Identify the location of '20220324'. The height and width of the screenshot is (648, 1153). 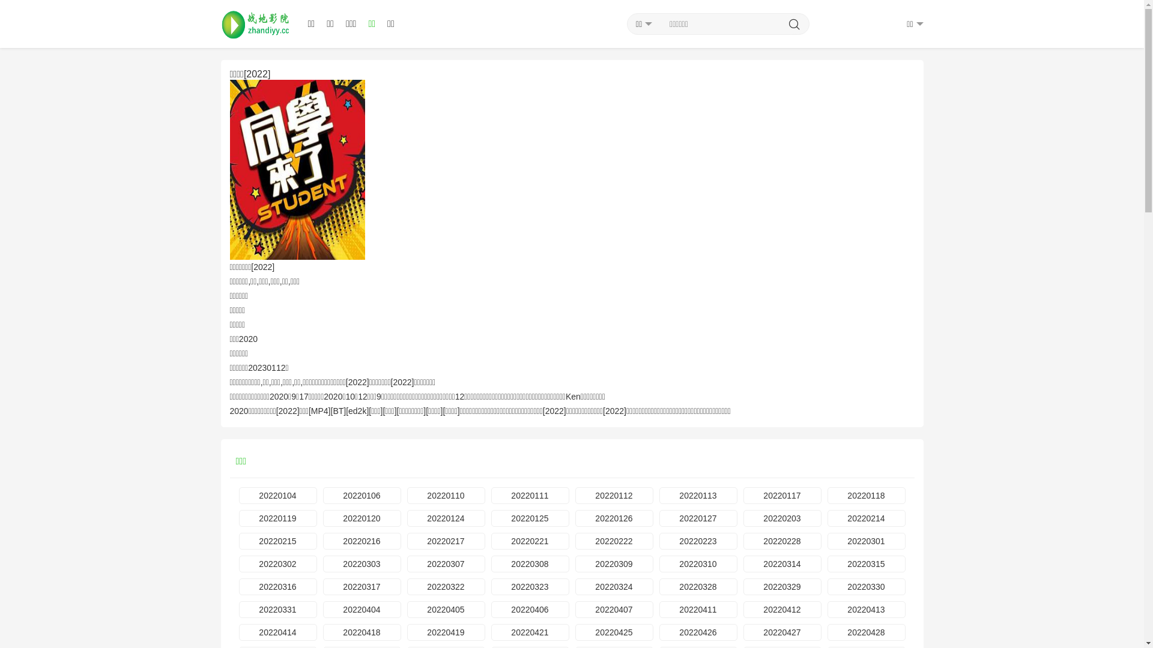
(575, 586).